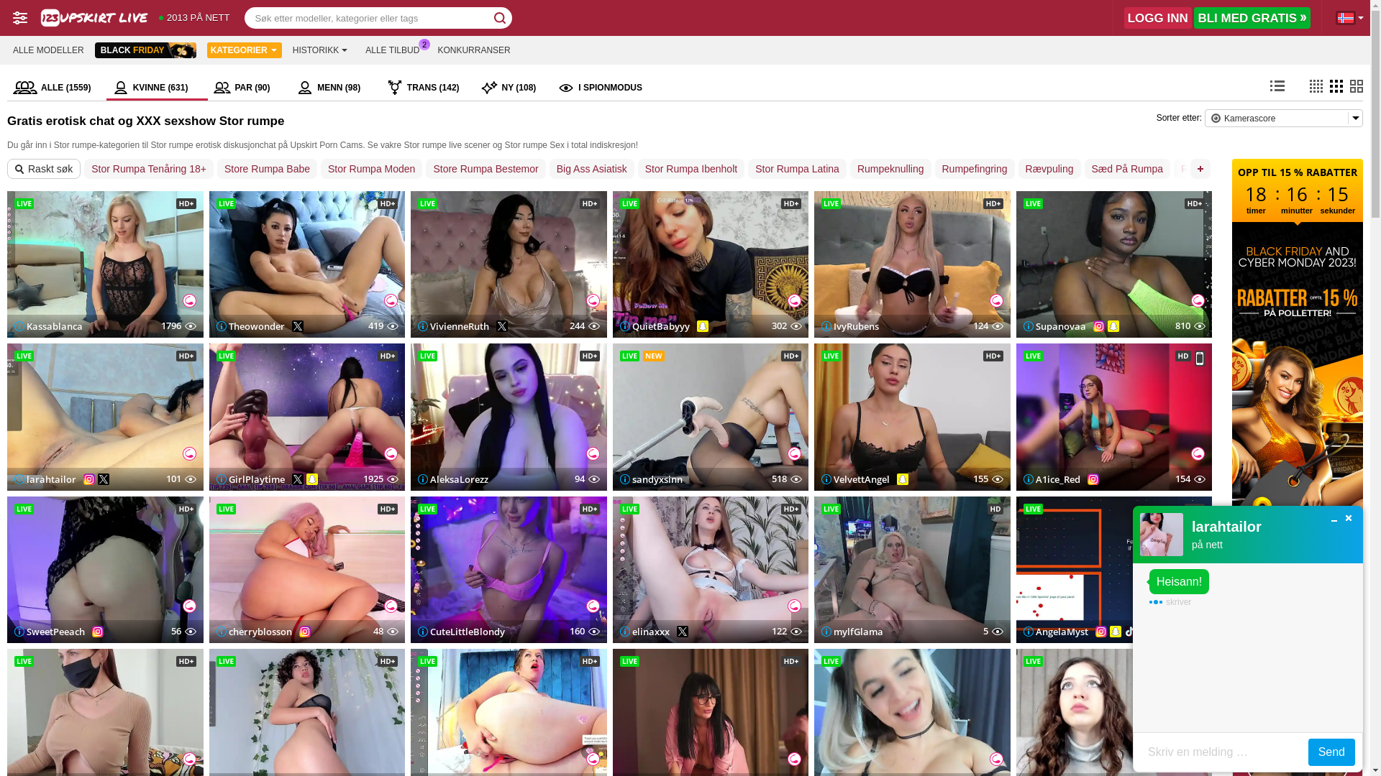 The height and width of the screenshot is (776, 1381). I want to click on 'TRANS (142)', so click(380, 88).